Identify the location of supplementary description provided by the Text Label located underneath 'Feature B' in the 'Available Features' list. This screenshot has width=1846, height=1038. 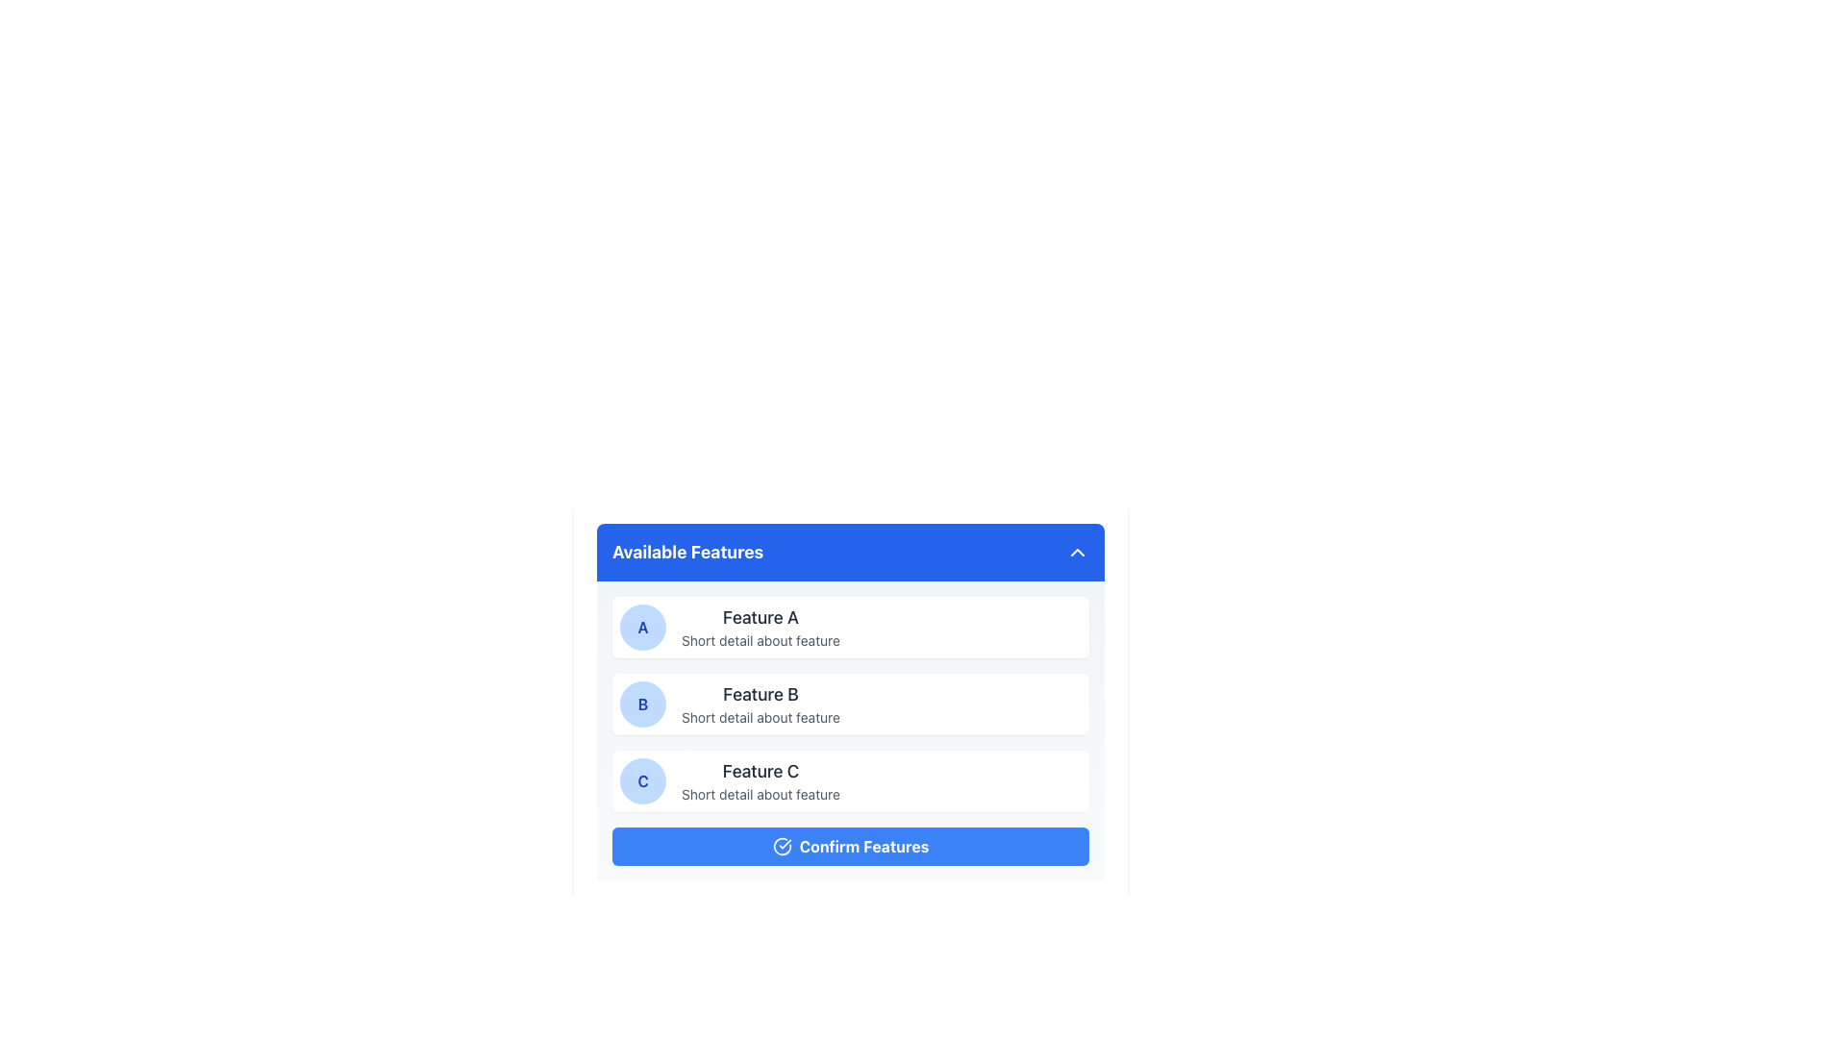
(760, 718).